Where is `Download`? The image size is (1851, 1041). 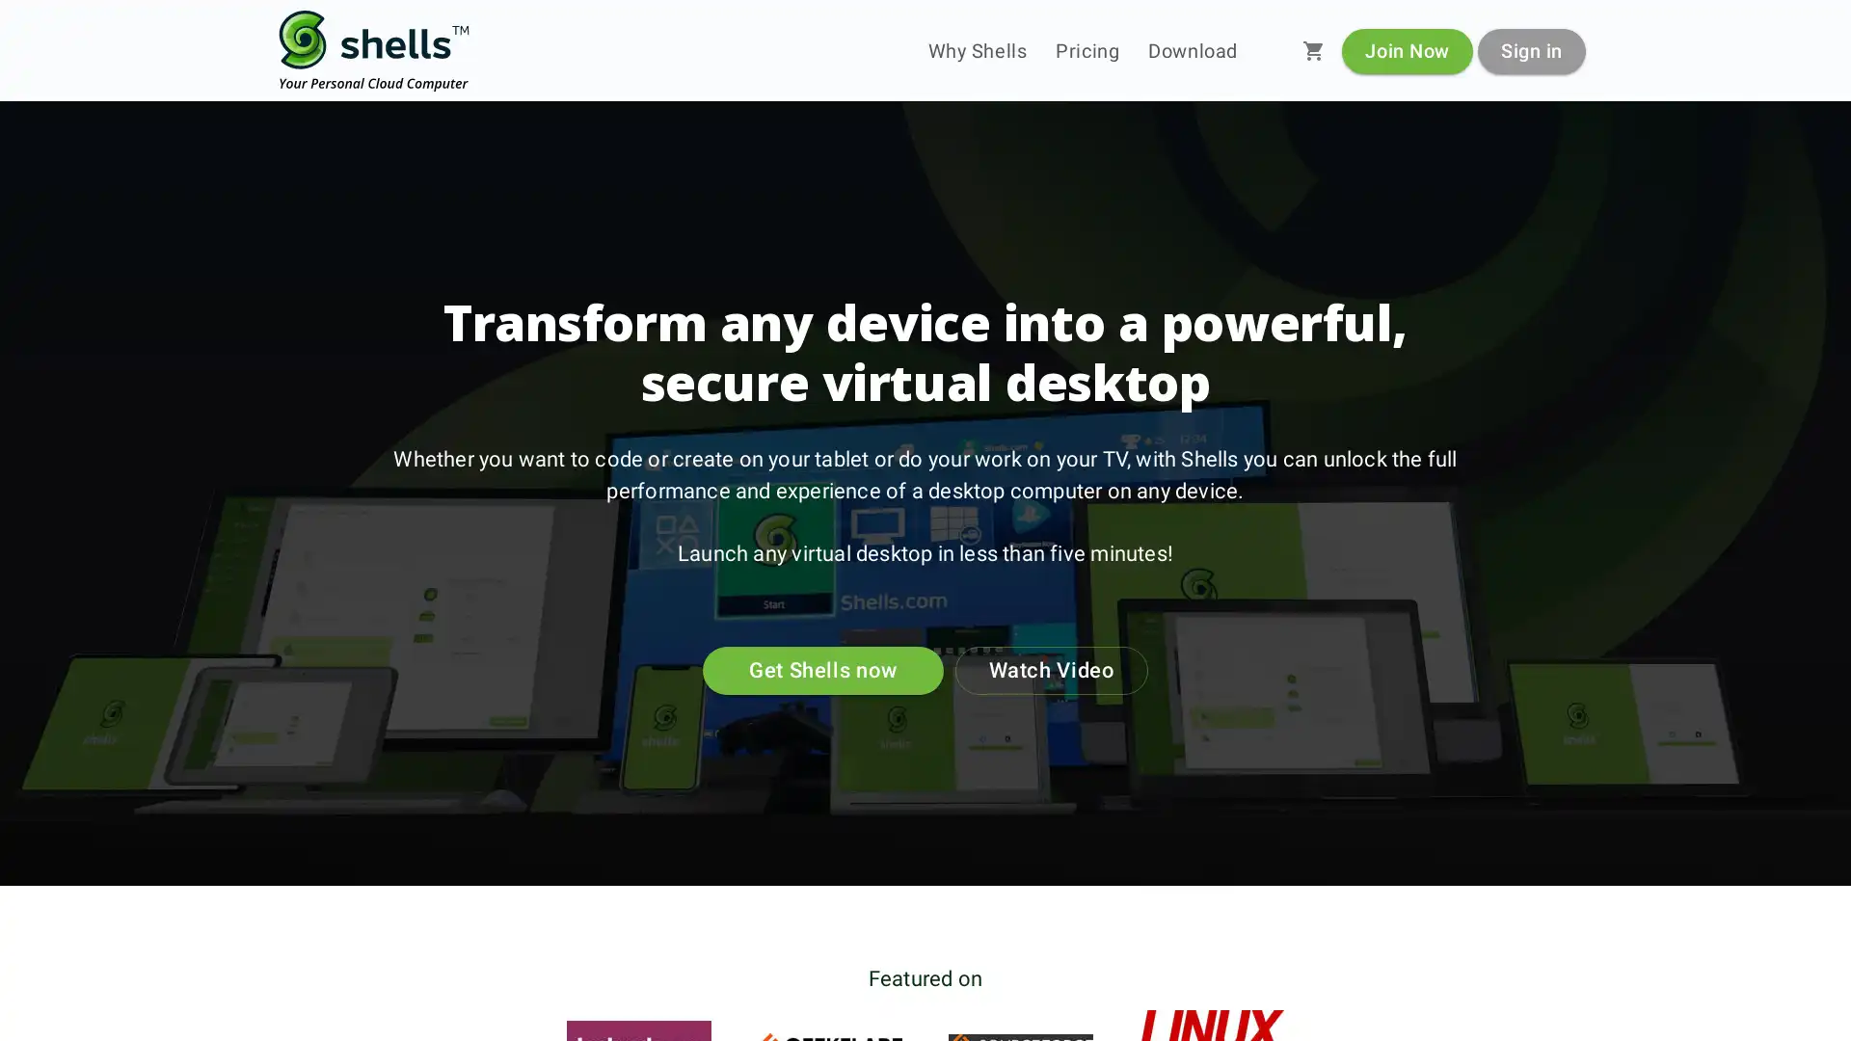
Download is located at coordinates (1192, 50).